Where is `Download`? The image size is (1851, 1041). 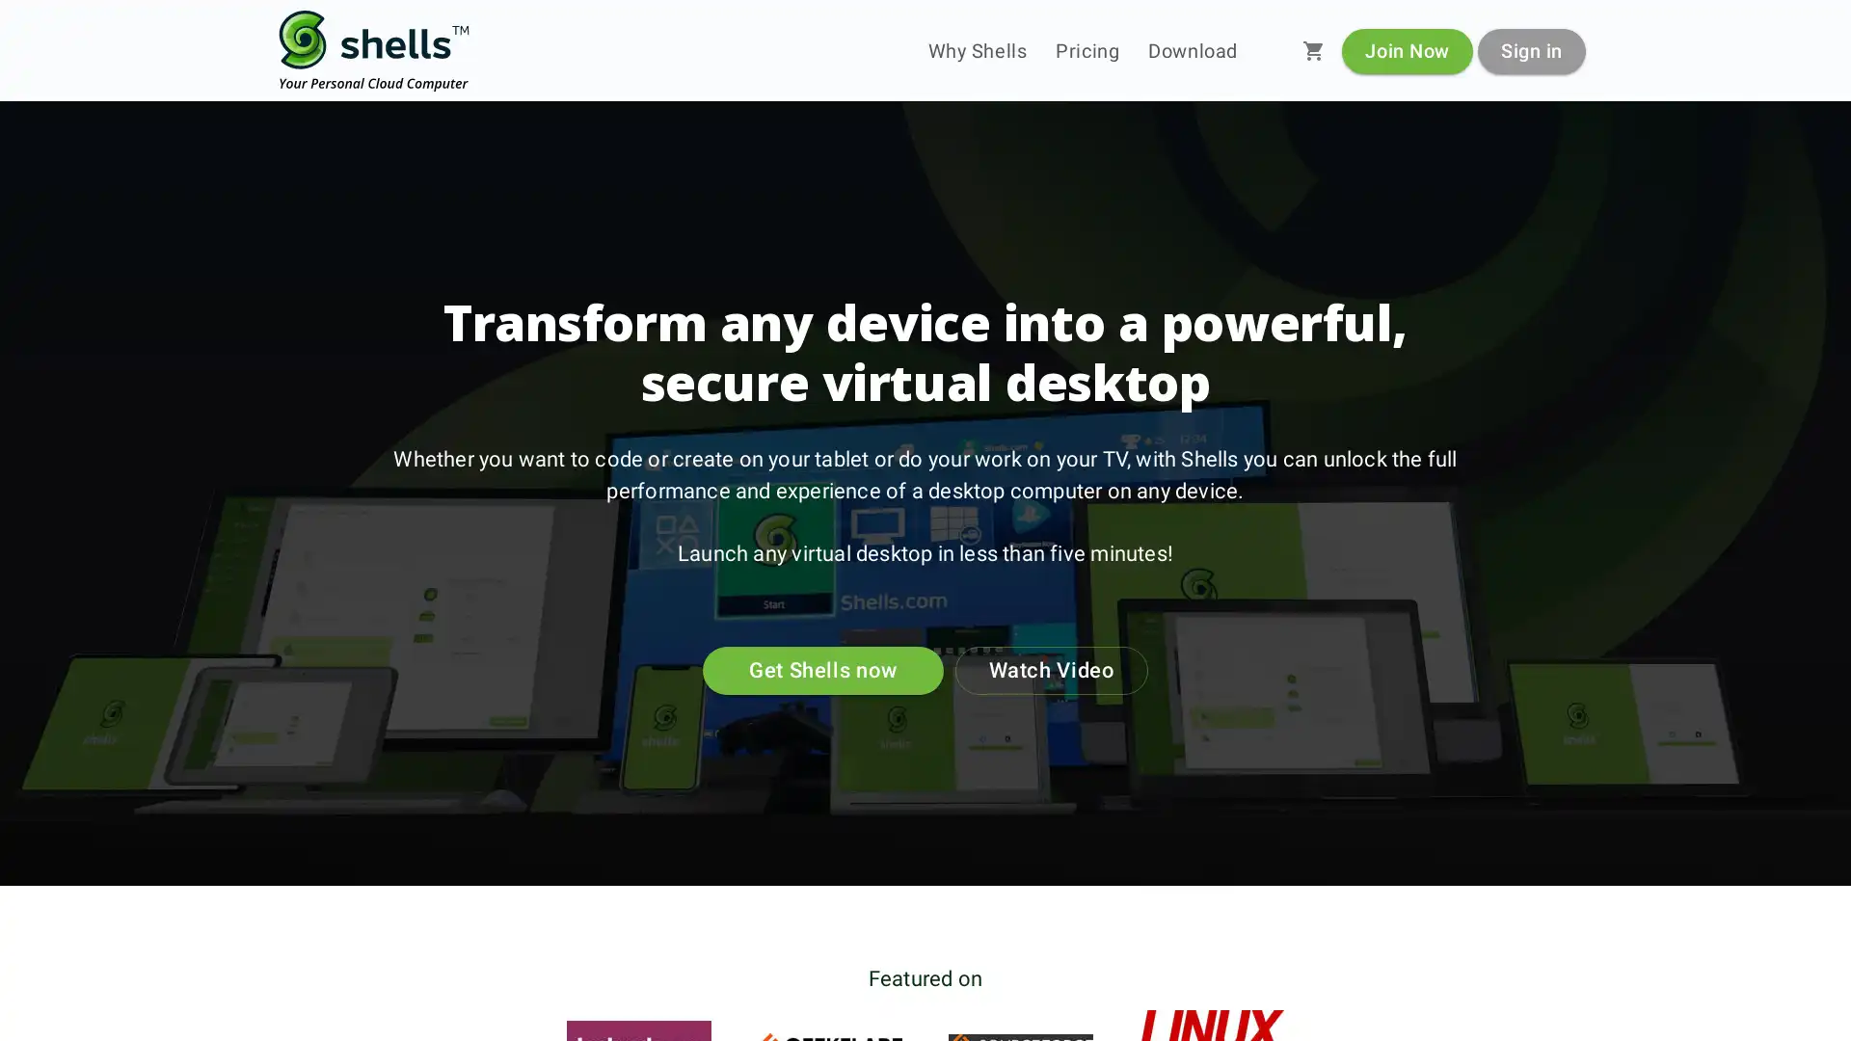
Download is located at coordinates (1192, 50).